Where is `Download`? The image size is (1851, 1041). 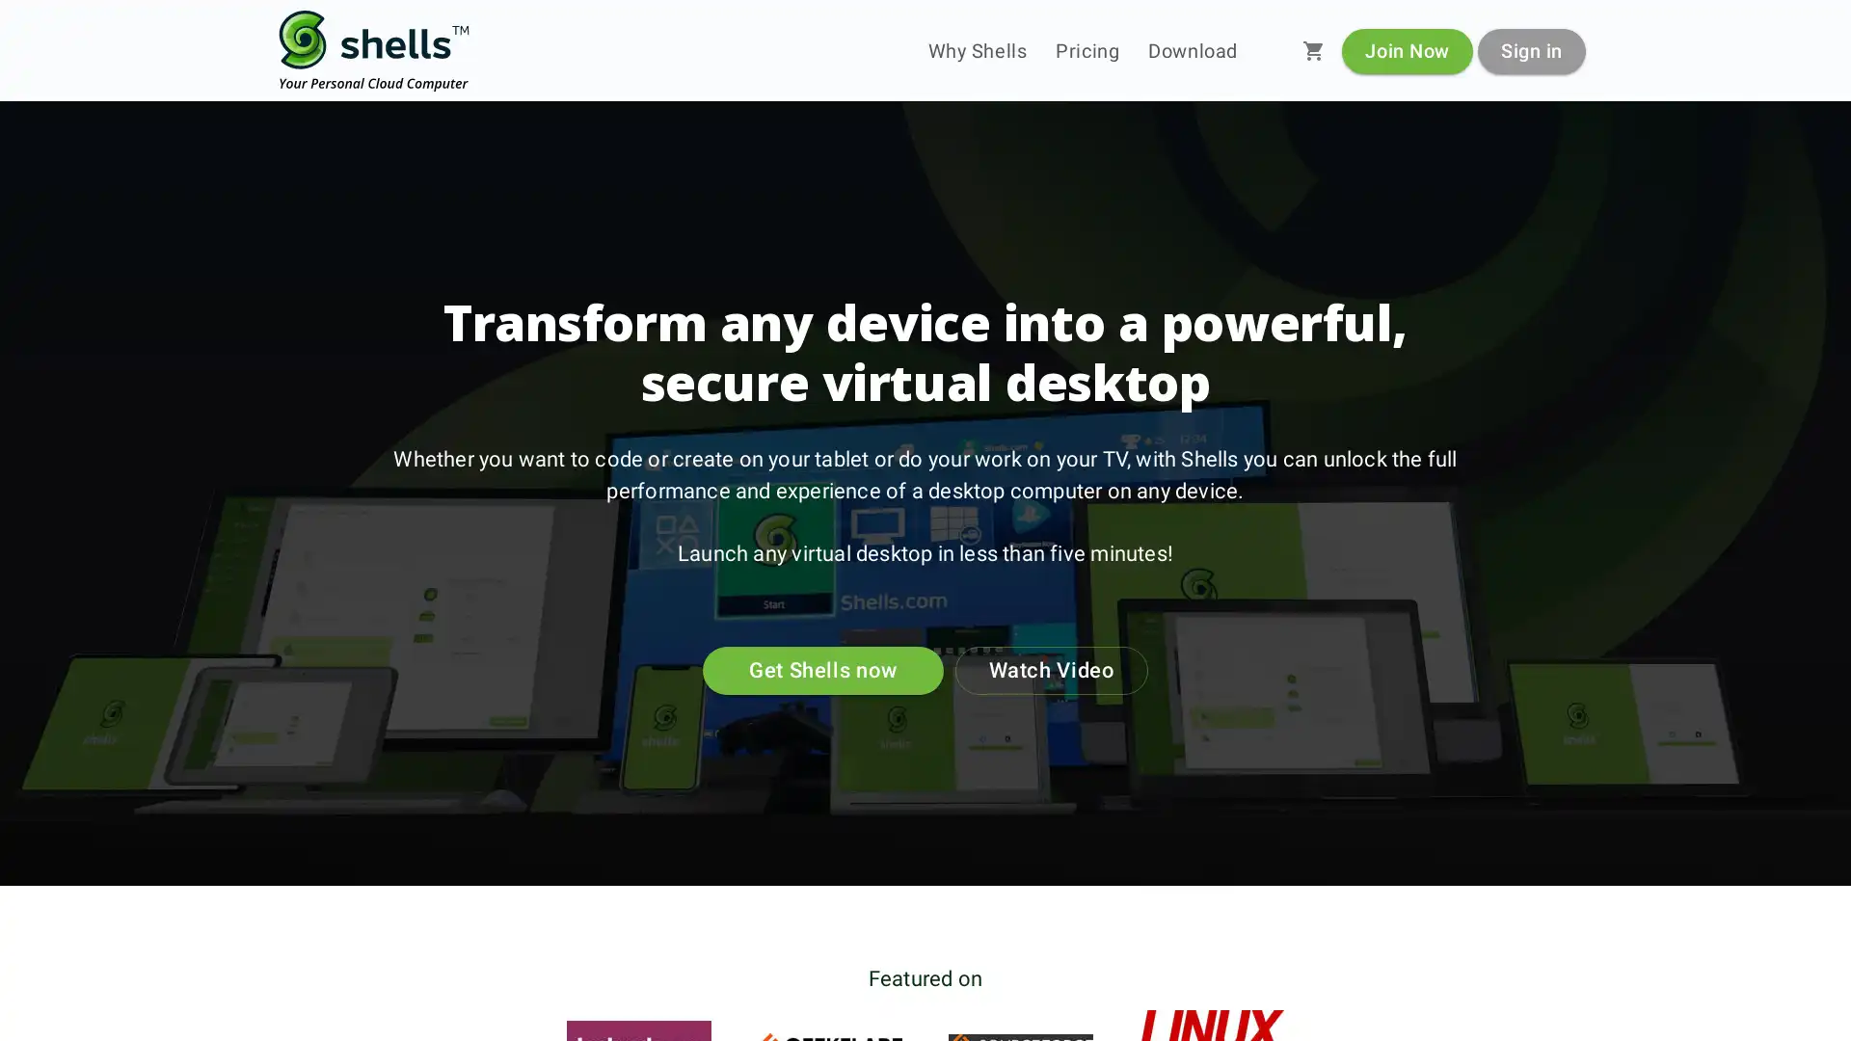
Download is located at coordinates (1192, 50).